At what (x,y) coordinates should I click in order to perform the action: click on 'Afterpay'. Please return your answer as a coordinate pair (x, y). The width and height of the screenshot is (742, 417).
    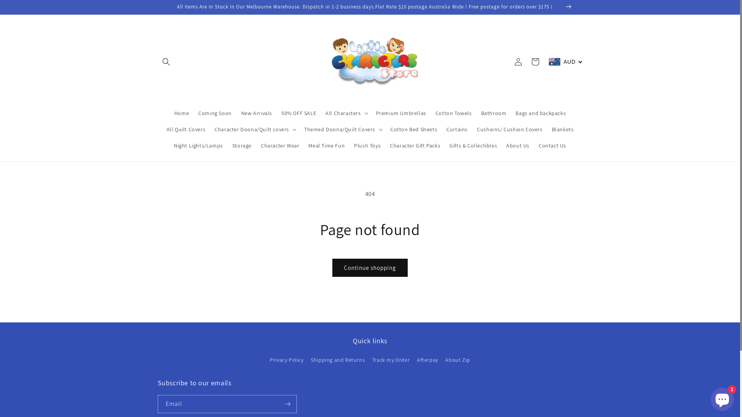
    Looking at the image, I should click on (427, 360).